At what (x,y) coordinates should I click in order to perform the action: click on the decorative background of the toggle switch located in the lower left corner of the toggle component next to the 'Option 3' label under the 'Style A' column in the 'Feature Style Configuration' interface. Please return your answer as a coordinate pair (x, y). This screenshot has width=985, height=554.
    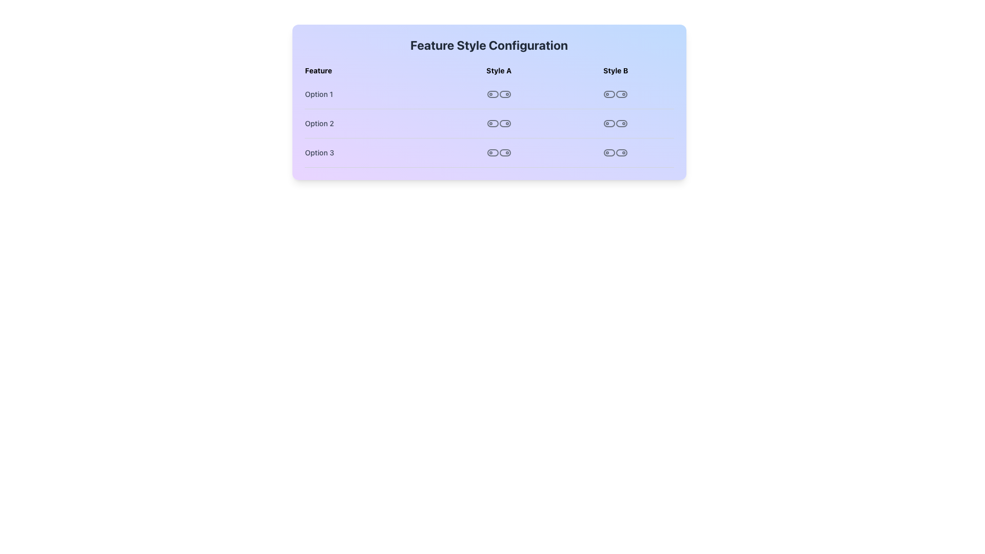
    Looking at the image, I should click on (505, 152).